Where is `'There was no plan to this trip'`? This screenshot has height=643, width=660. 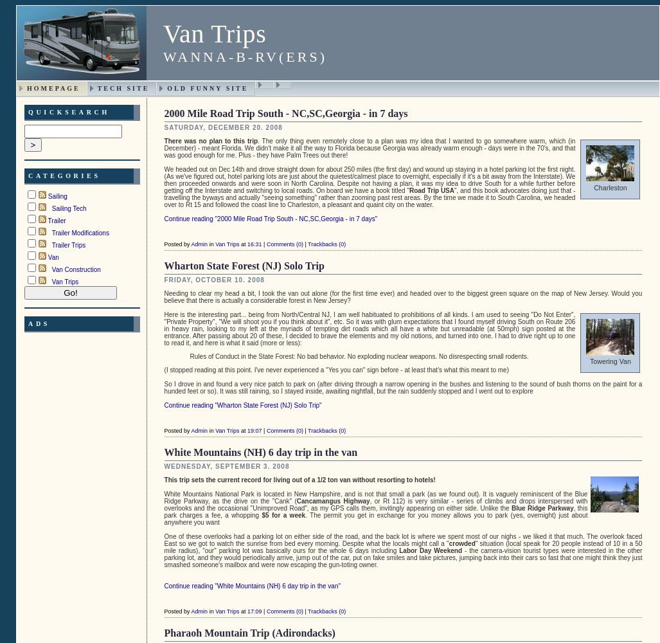 'There was no plan to this trip' is located at coordinates (164, 140).